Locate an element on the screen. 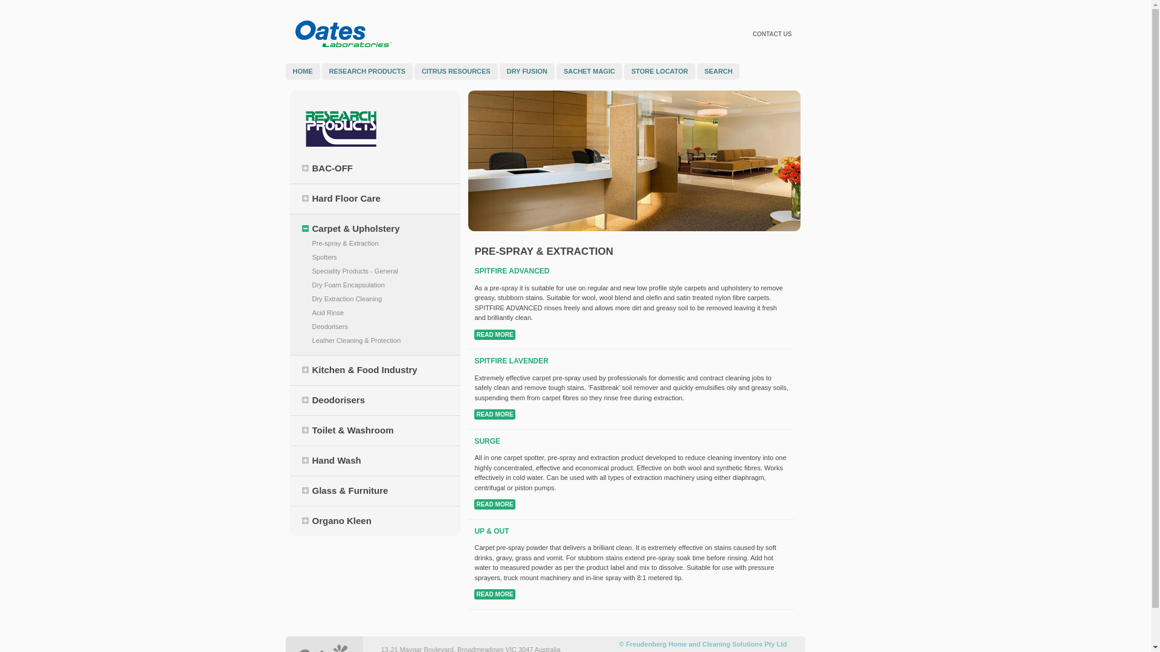  'Glass & Furniture' is located at coordinates (344, 490).